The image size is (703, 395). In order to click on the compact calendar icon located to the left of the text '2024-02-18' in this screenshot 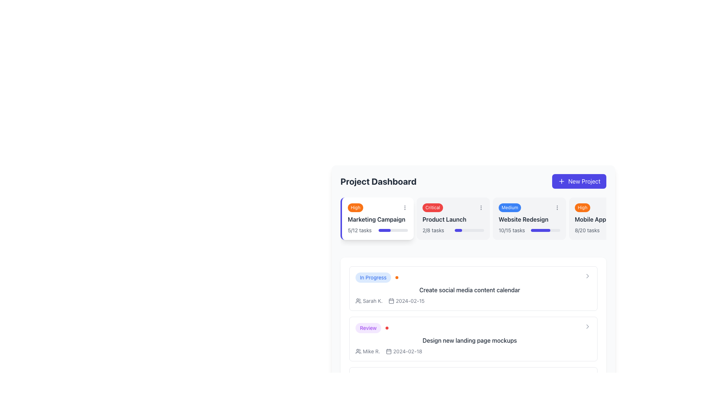, I will do `click(388, 351)`.